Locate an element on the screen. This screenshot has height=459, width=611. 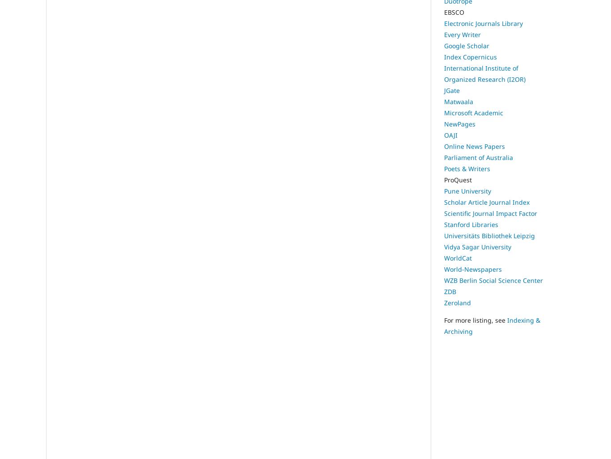
'Scientific Journal Impact Factor' is located at coordinates (490, 213).